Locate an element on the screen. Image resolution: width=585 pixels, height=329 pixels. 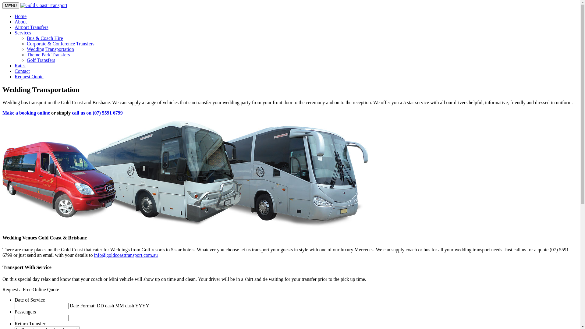
'Home' is located at coordinates (20, 16).